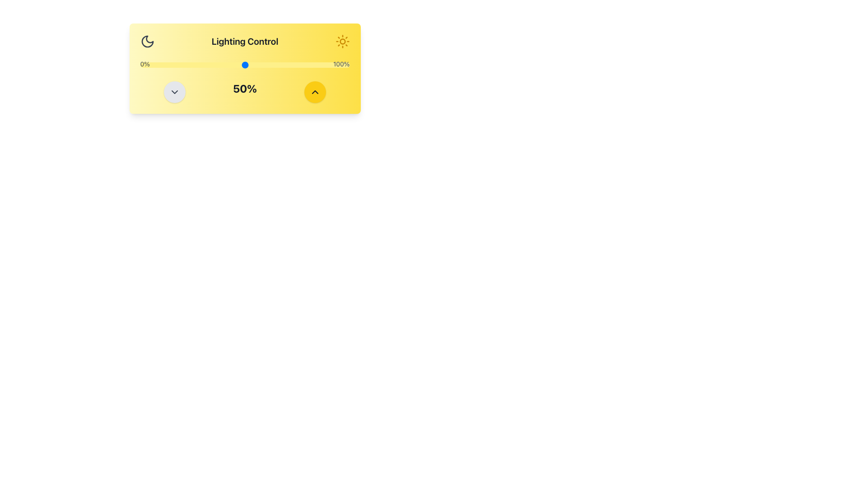  What do you see at coordinates (342, 42) in the screenshot?
I see `the sun icon on the far-right side of the 'Lighting Control' block` at bounding box center [342, 42].